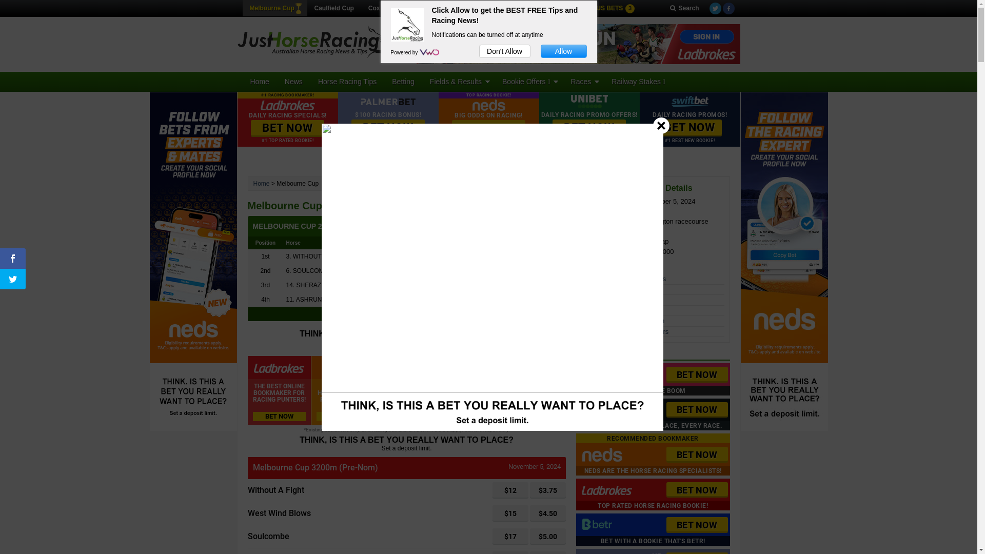 This screenshot has height=554, width=985. I want to click on 'Allow', so click(563, 51).